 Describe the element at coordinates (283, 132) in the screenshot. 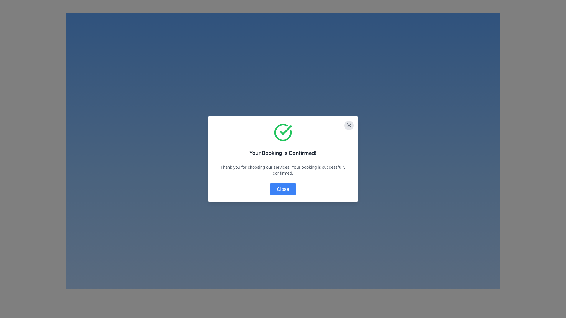

I see `the circular icon with a green outline and a checkmark symbol inside, located at the top center of the modal dialog box, above the text 'Your Booking is Confirmed!'` at that location.